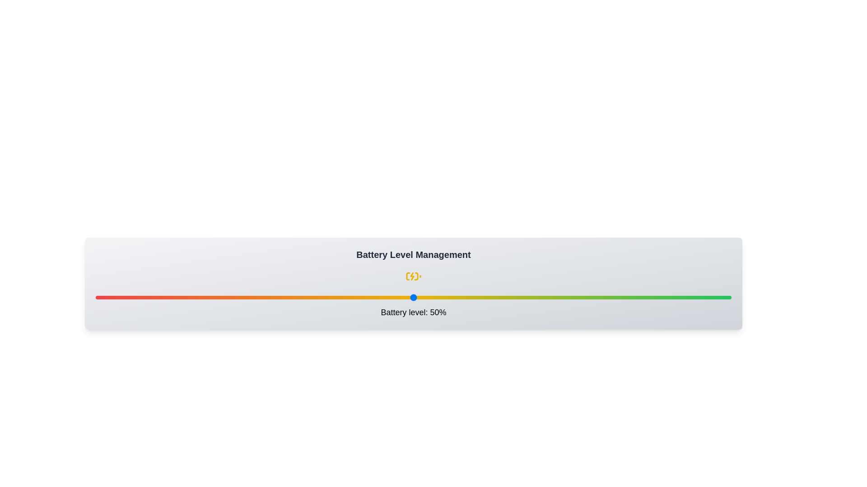 This screenshot has width=867, height=487. Describe the element at coordinates (705, 297) in the screenshot. I see `the battery level to 96% by interacting with the slider` at that location.